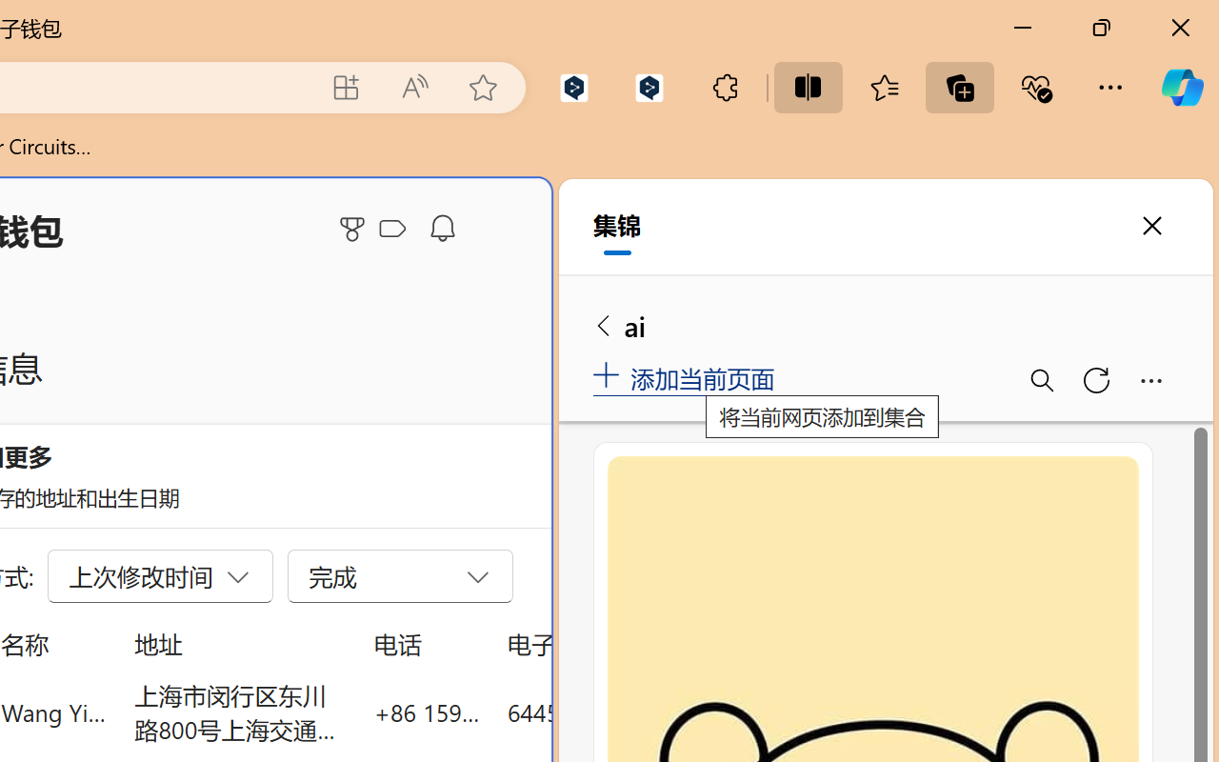  What do you see at coordinates (426, 712) in the screenshot?
I see `'+86 159 0032 4640'` at bounding box center [426, 712].